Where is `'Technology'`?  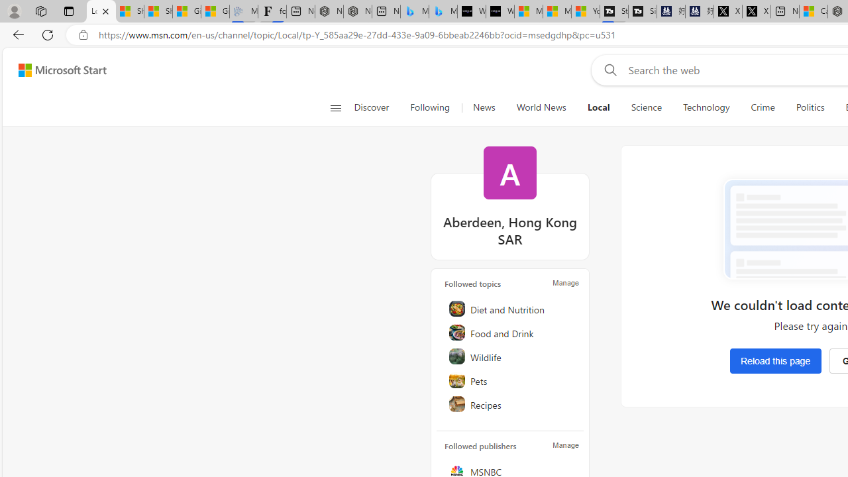
'Technology' is located at coordinates (705, 107).